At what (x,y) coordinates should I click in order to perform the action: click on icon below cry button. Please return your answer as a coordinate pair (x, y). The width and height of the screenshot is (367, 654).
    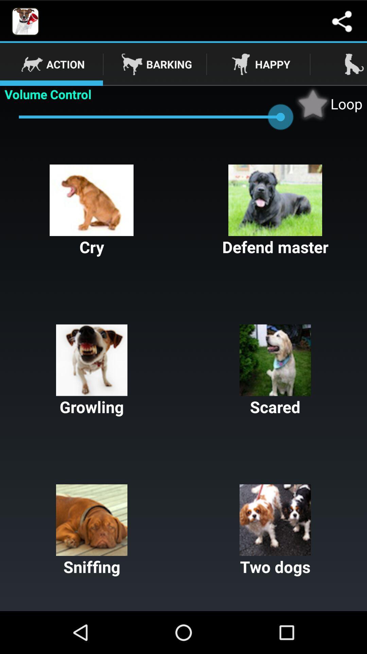
    Looking at the image, I should click on (92, 371).